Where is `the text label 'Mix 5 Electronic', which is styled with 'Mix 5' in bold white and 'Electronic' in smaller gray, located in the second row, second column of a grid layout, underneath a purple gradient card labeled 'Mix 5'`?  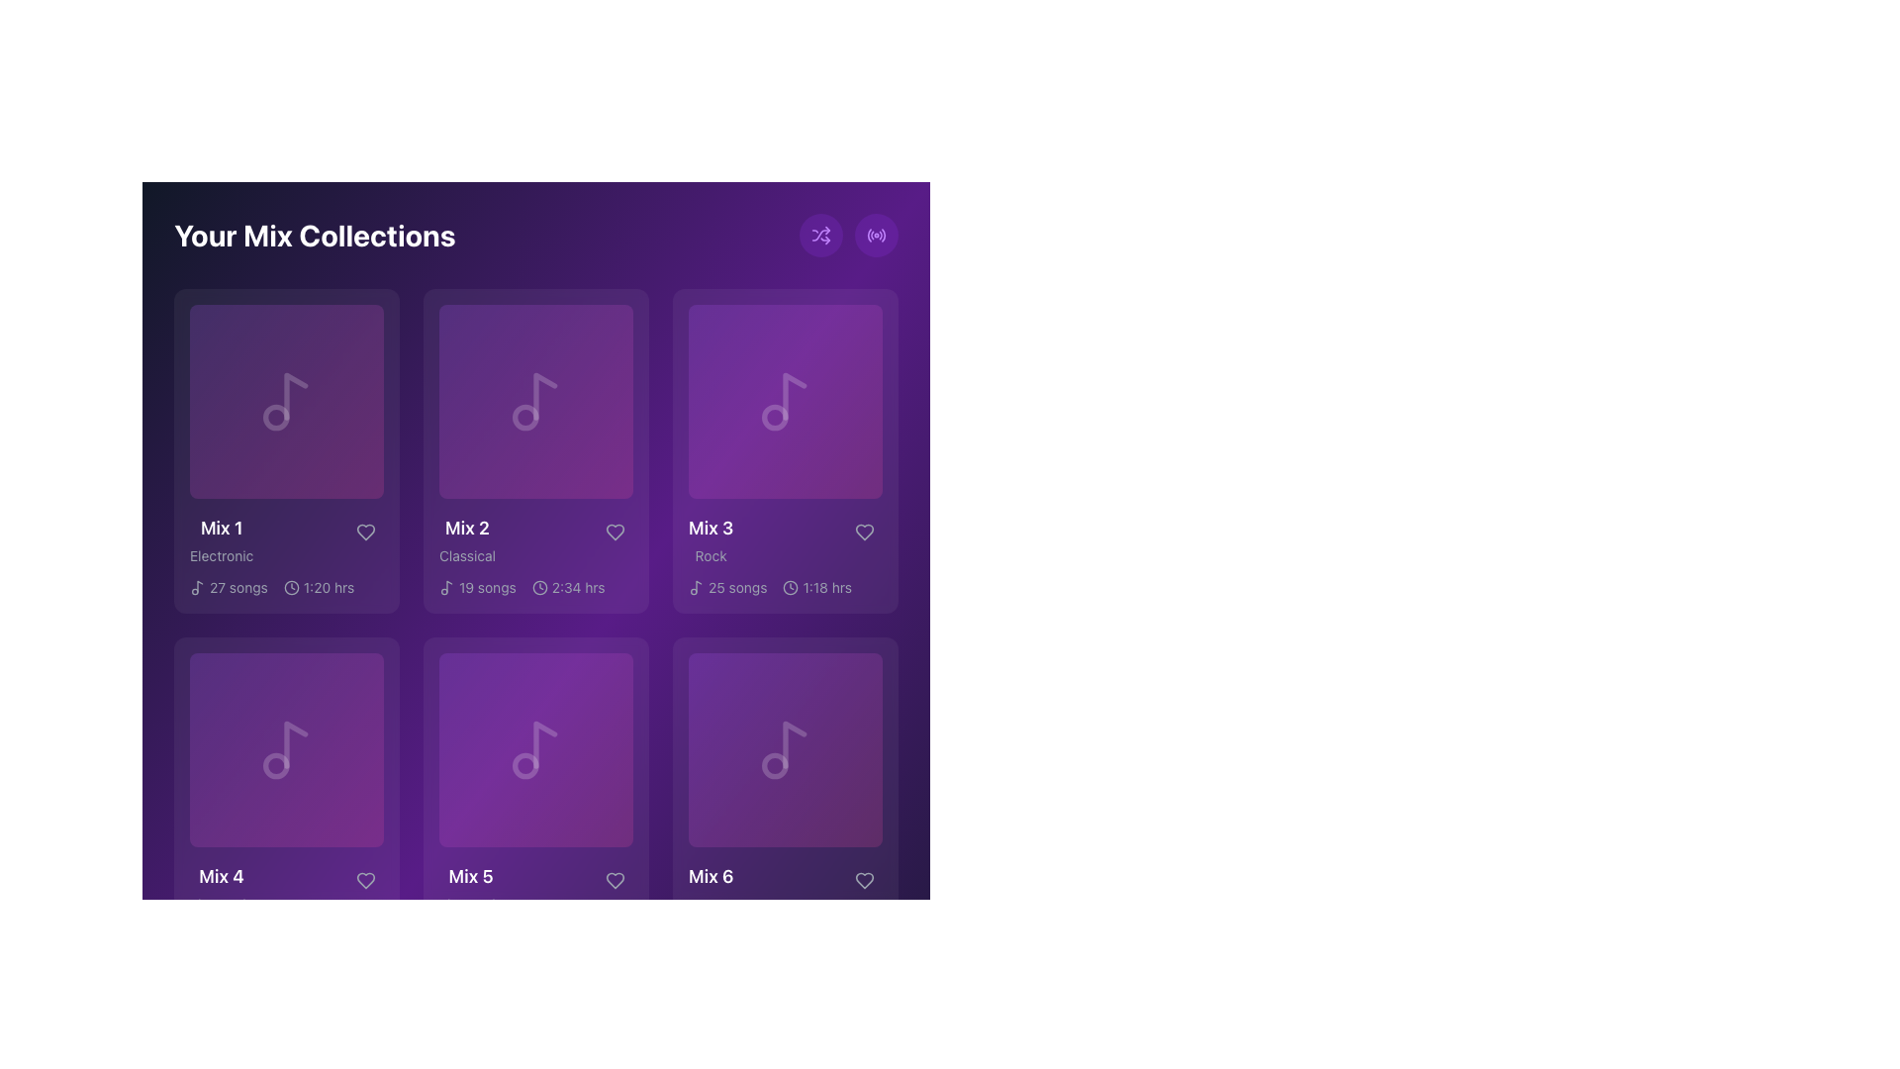 the text label 'Mix 5 Electronic', which is styled with 'Mix 5' in bold white and 'Electronic' in smaller gray, located in the second row, second column of a grid layout, underneath a purple gradient card labeled 'Mix 5' is located at coordinates (536, 888).